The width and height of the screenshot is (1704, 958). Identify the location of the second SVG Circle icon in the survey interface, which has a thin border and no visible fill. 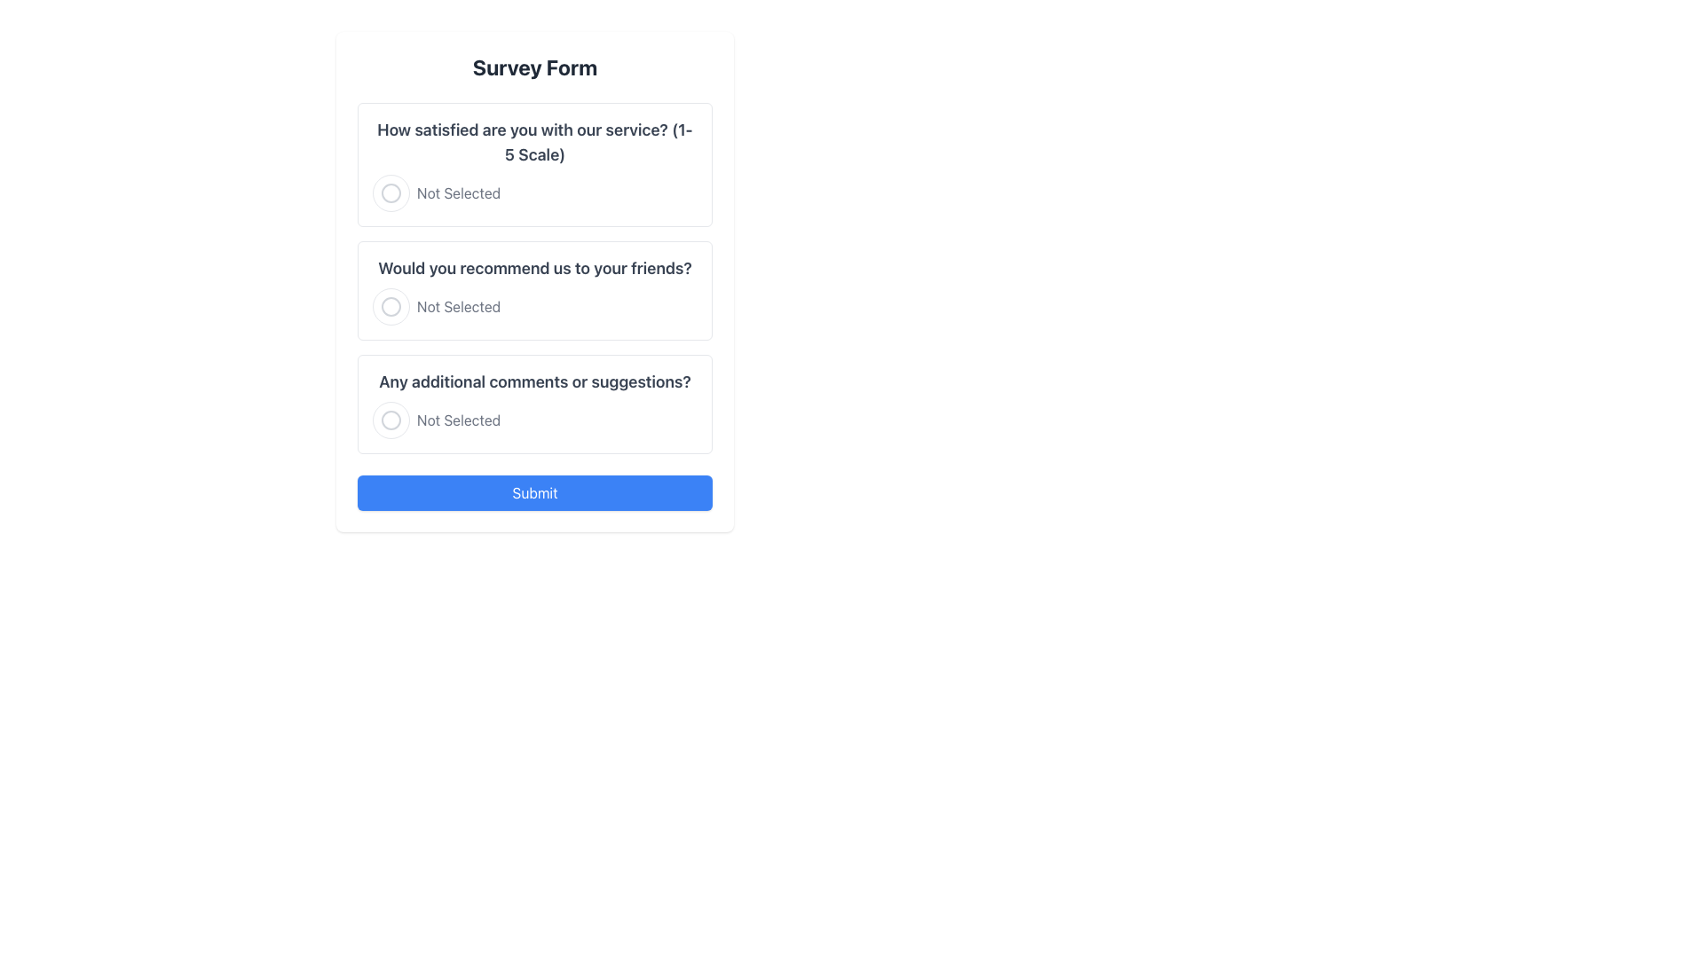
(390, 306).